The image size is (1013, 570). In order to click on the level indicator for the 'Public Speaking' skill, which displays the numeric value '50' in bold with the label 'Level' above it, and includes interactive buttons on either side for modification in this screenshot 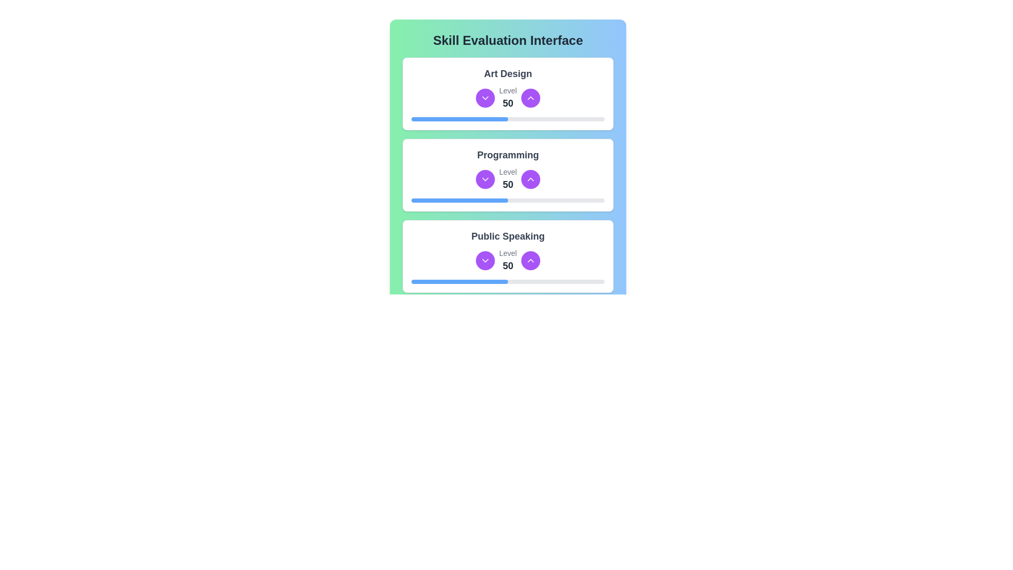, I will do `click(508, 260)`.